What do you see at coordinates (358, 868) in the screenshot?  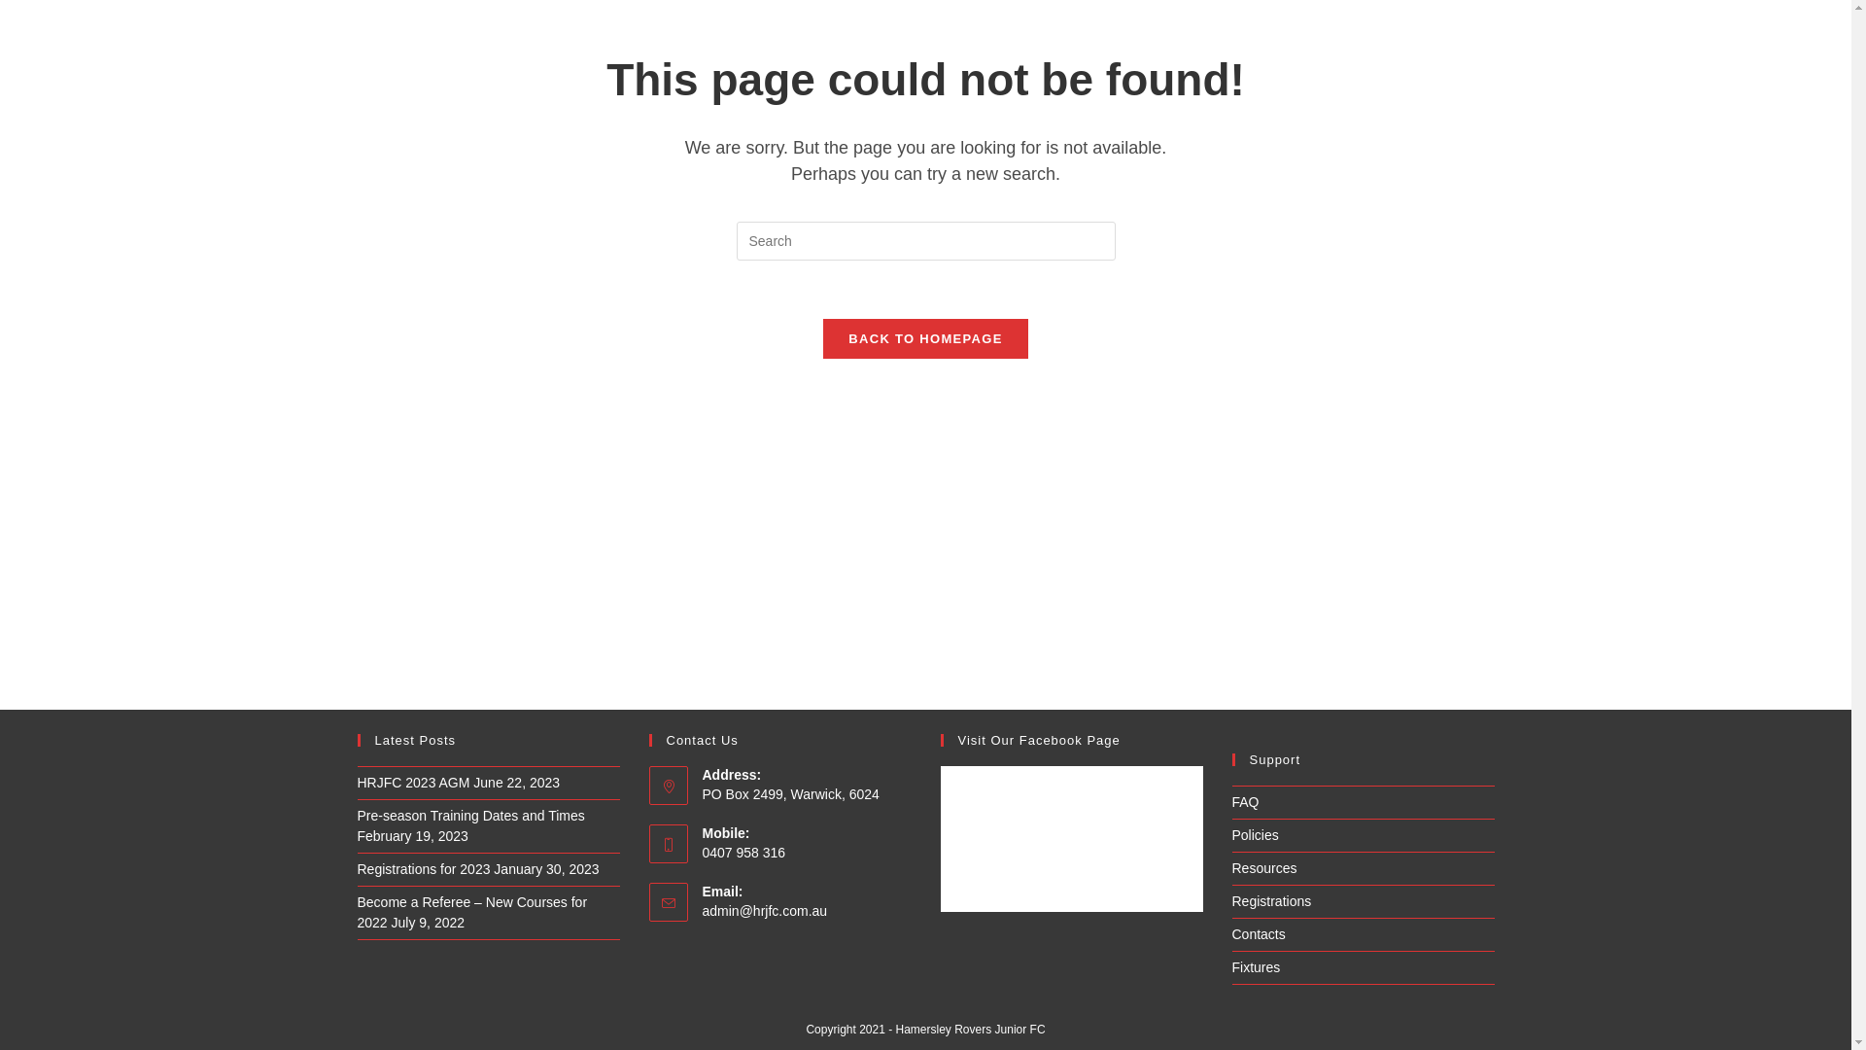 I see `'Registrations for 2023'` at bounding box center [358, 868].